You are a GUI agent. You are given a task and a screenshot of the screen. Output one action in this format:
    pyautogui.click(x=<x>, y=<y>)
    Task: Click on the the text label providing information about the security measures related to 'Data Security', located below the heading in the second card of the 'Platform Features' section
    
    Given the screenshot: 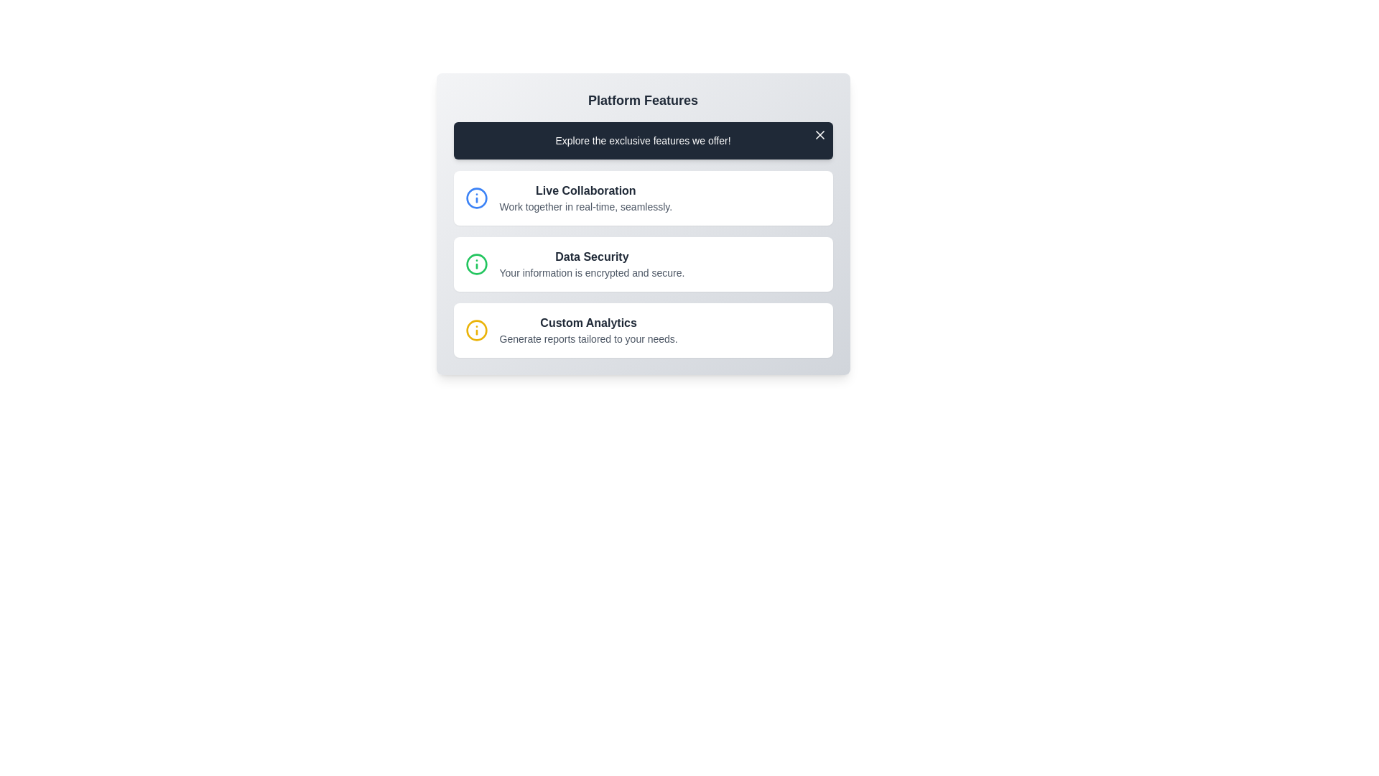 What is the action you would take?
    pyautogui.click(x=592, y=273)
    